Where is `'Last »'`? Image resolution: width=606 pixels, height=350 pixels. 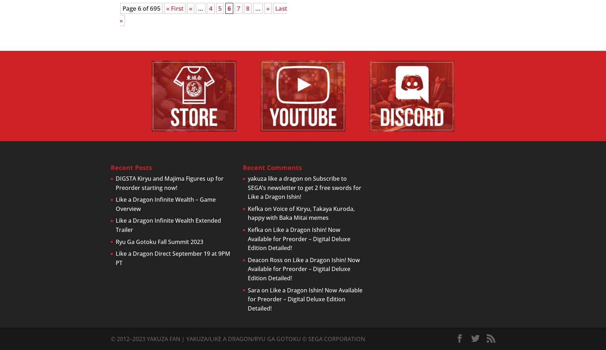 'Last »' is located at coordinates (203, 14).